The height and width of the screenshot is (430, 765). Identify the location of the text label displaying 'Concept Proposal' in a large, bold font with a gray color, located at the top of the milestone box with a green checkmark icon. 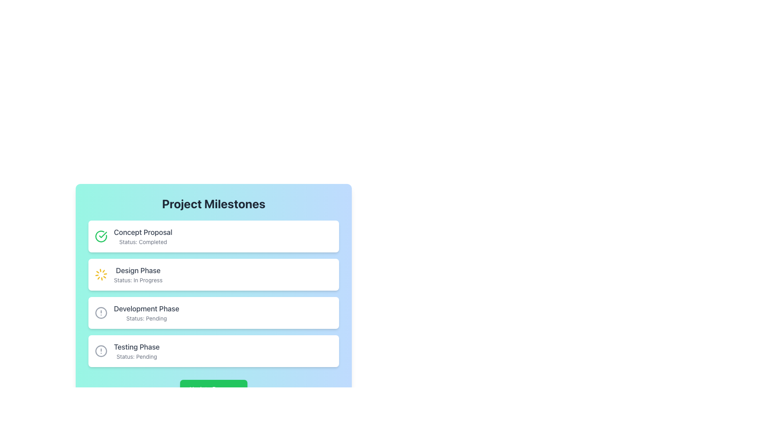
(143, 232).